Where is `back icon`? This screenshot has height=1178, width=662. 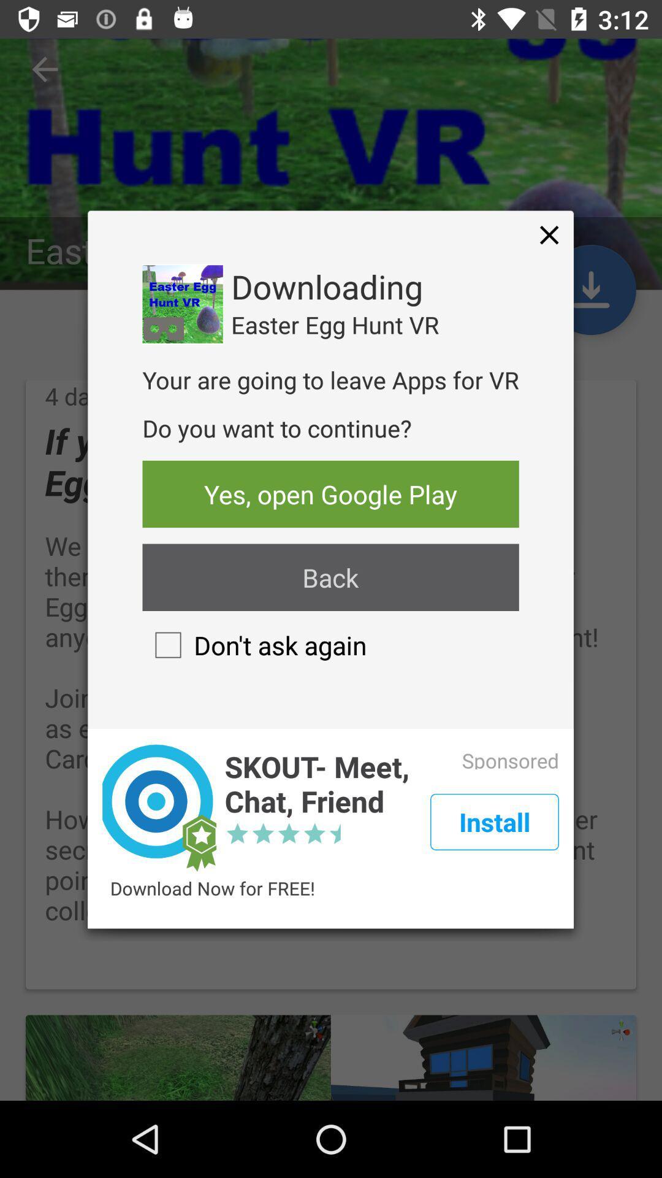 back icon is located at coordinates (330, 577).